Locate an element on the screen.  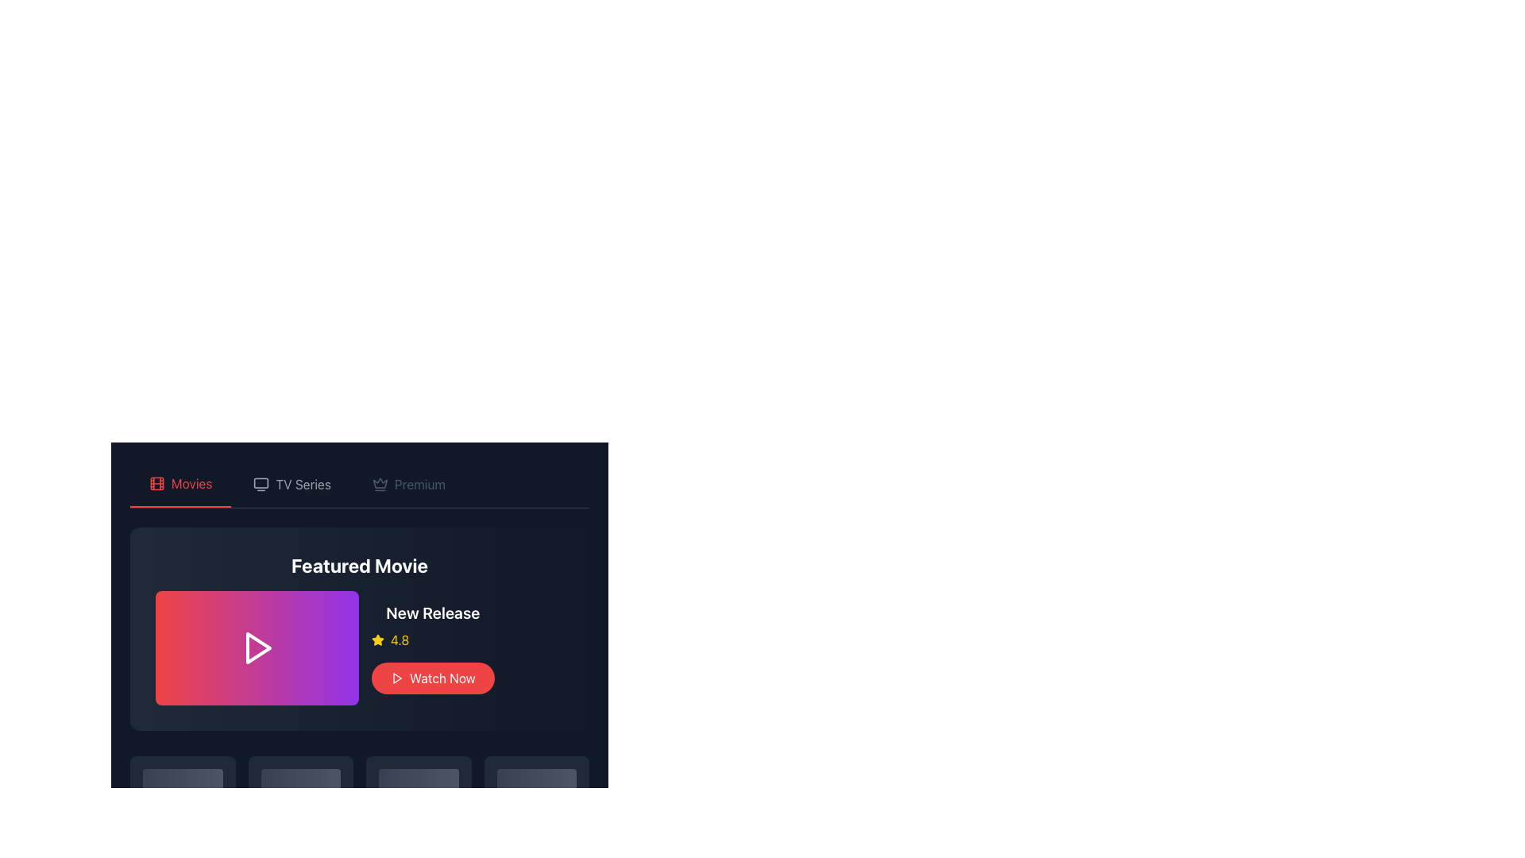
the play icon within the SVG component, which is centered in the 'Featured Movie' banner, to trigger visual feedback is located at coordinates (259, 648).